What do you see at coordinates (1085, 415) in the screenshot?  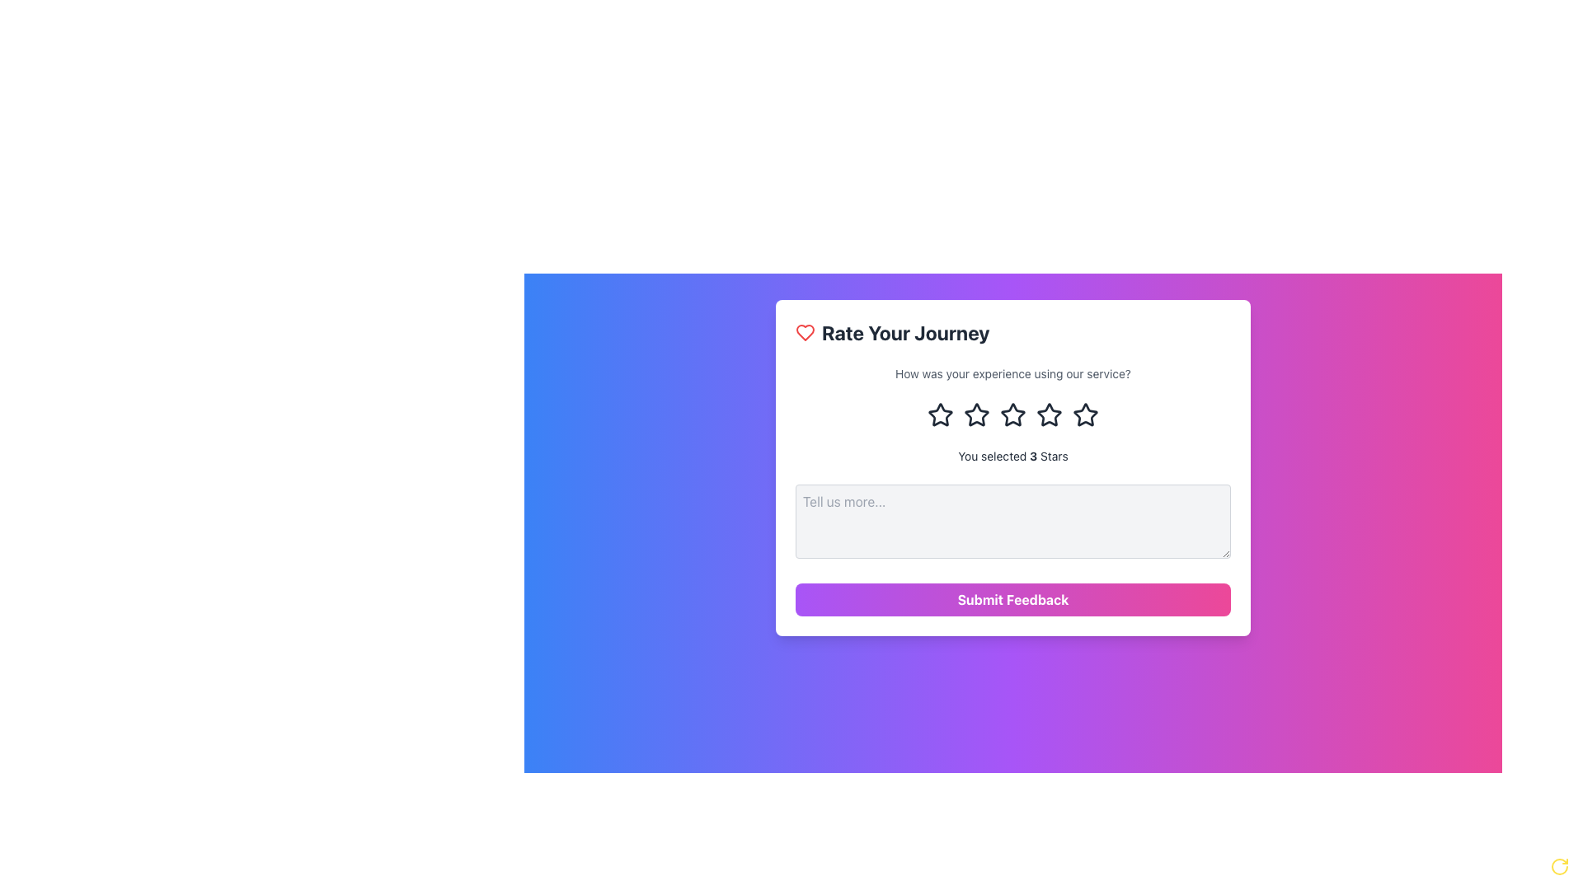 I see `the fifth outlined star icon for rating, which is part of a horizontal row of similar star icons positioned beneath the feedback text` at bounding box center [1085, 415].